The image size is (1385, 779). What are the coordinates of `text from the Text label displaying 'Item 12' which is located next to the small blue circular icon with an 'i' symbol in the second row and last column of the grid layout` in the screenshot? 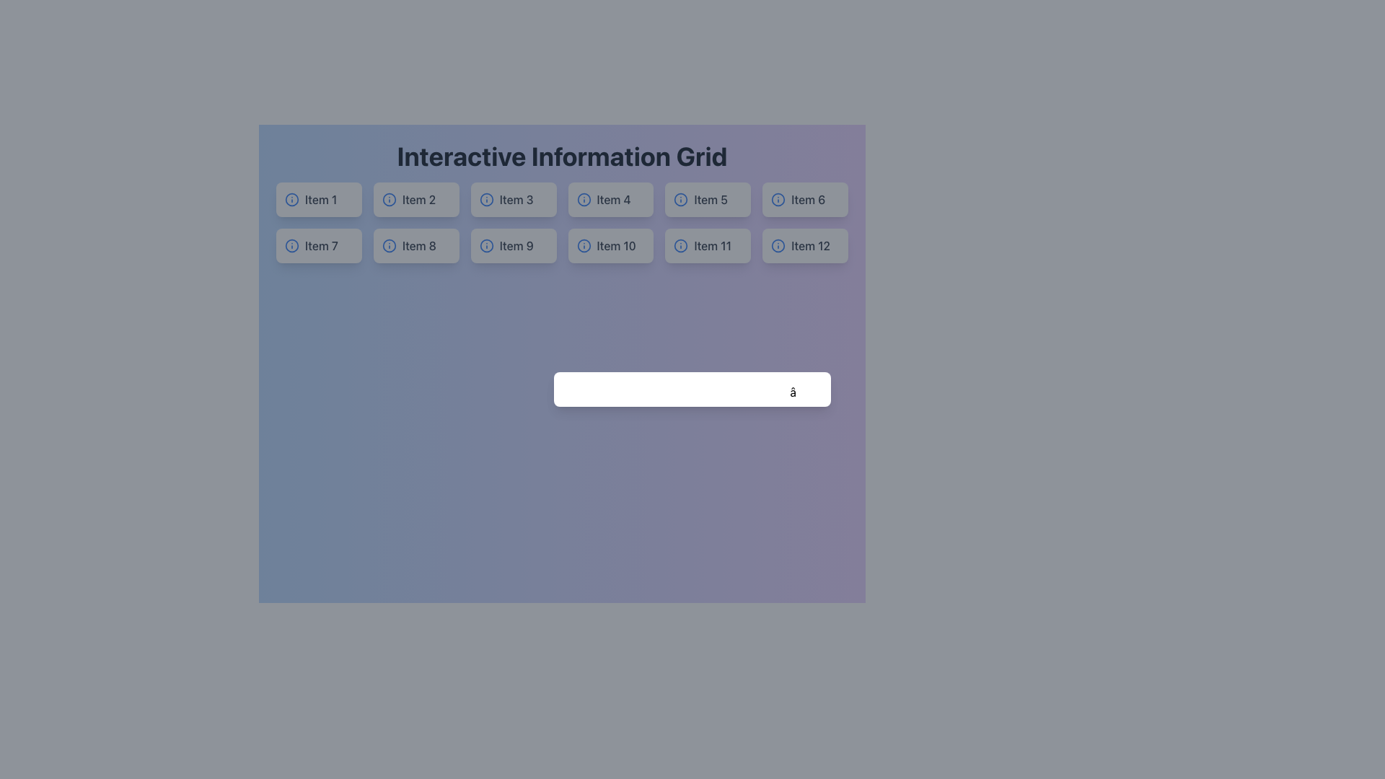 It's located at (811, 245).